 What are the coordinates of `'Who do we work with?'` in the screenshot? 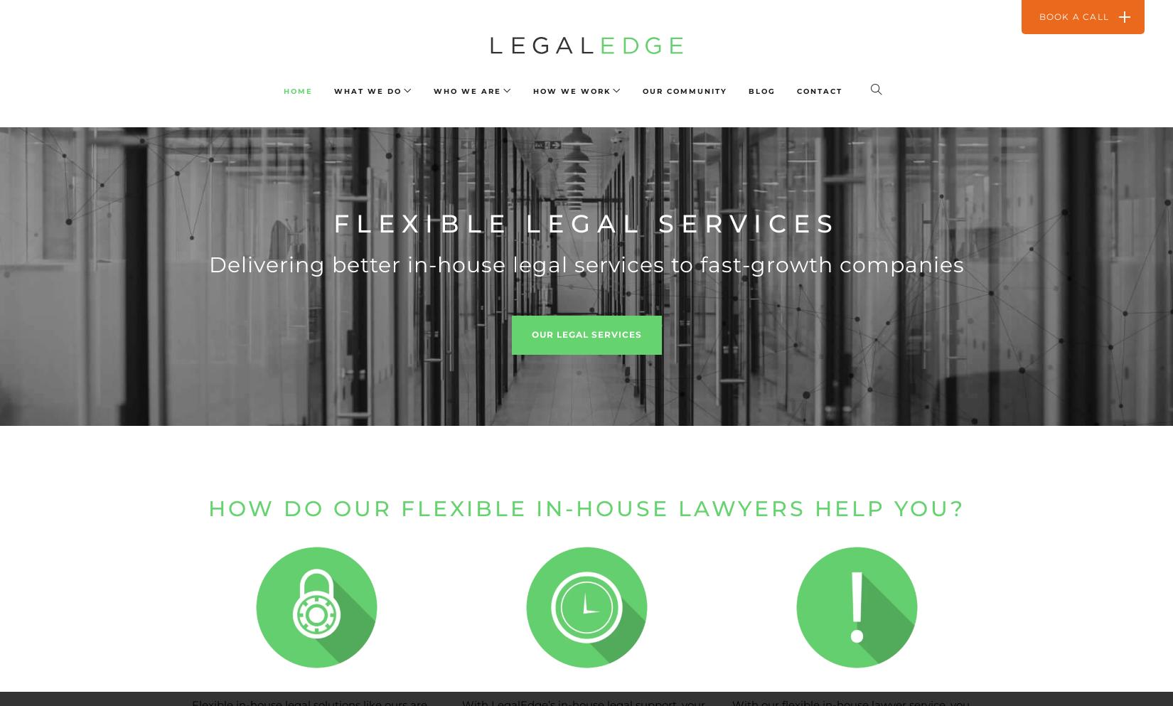 It's located at (585, 390).